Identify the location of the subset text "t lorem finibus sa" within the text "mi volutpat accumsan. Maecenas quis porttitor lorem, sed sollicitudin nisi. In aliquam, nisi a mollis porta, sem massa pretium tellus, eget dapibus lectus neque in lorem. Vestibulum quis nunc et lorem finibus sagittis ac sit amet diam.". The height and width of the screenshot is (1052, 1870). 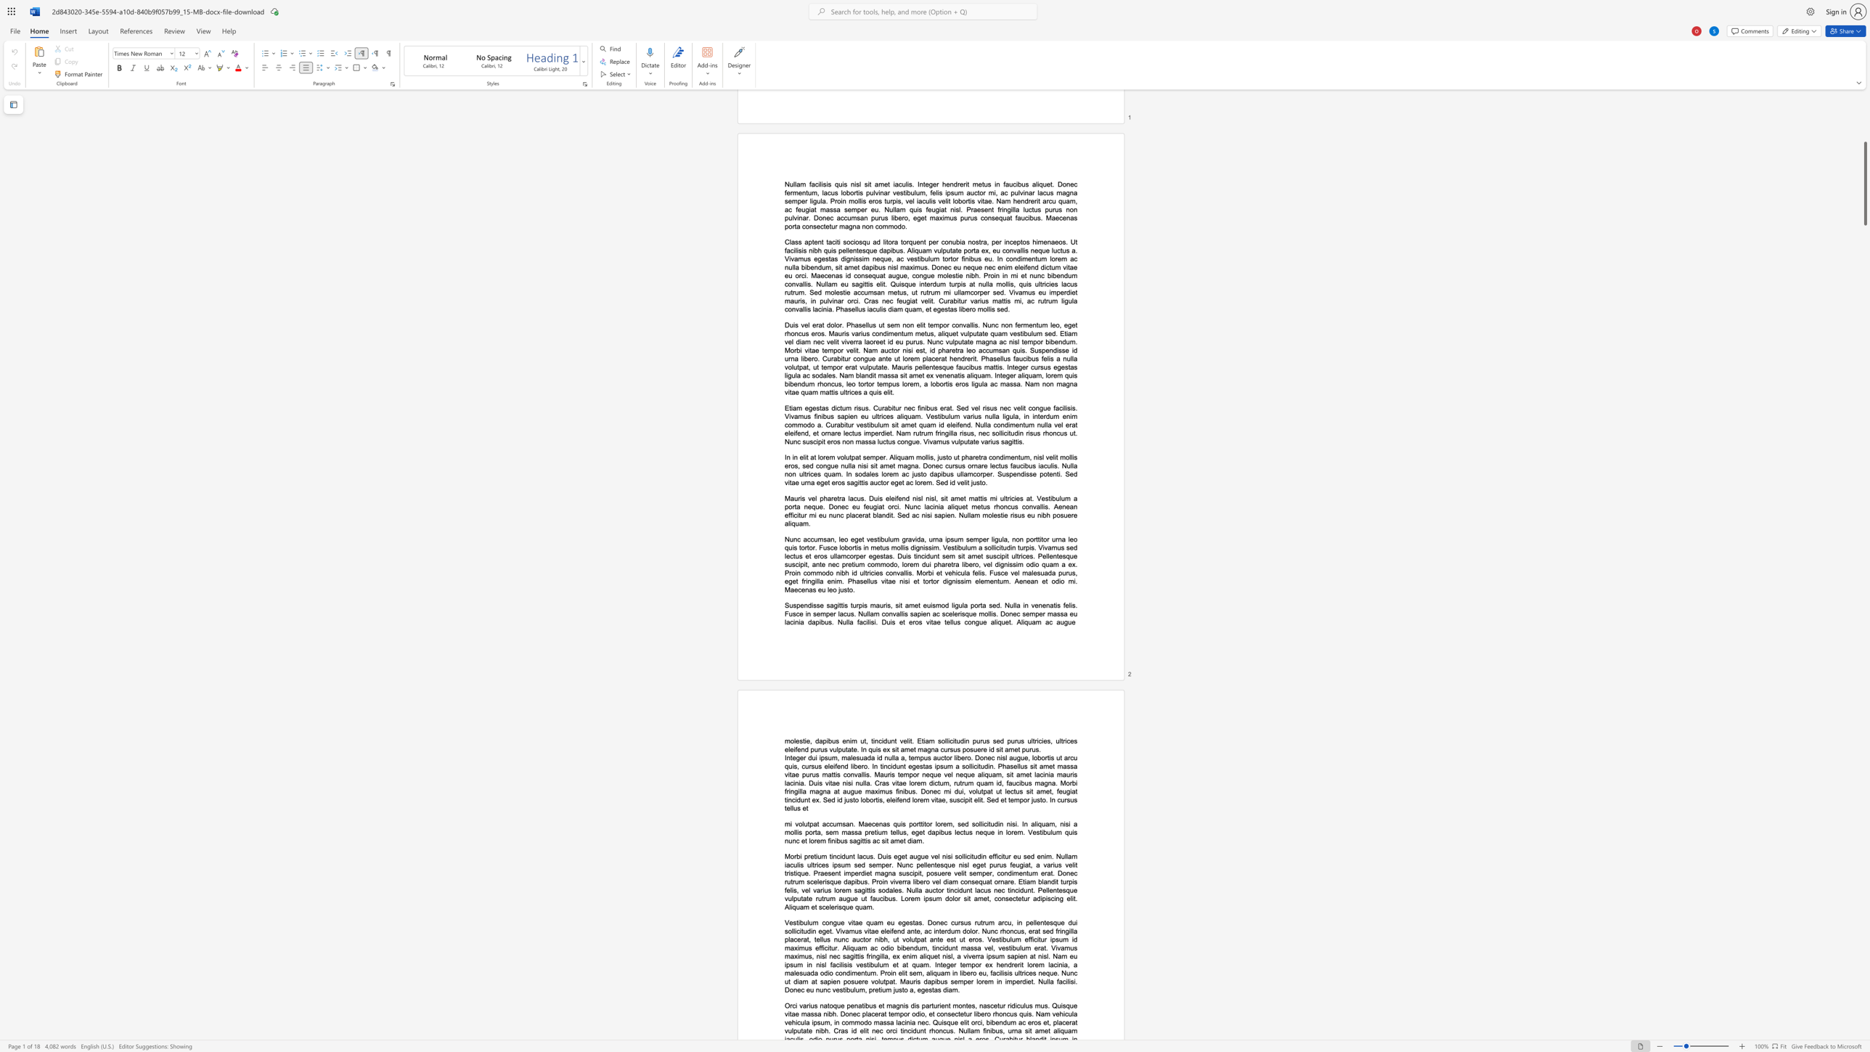
(804, 841).